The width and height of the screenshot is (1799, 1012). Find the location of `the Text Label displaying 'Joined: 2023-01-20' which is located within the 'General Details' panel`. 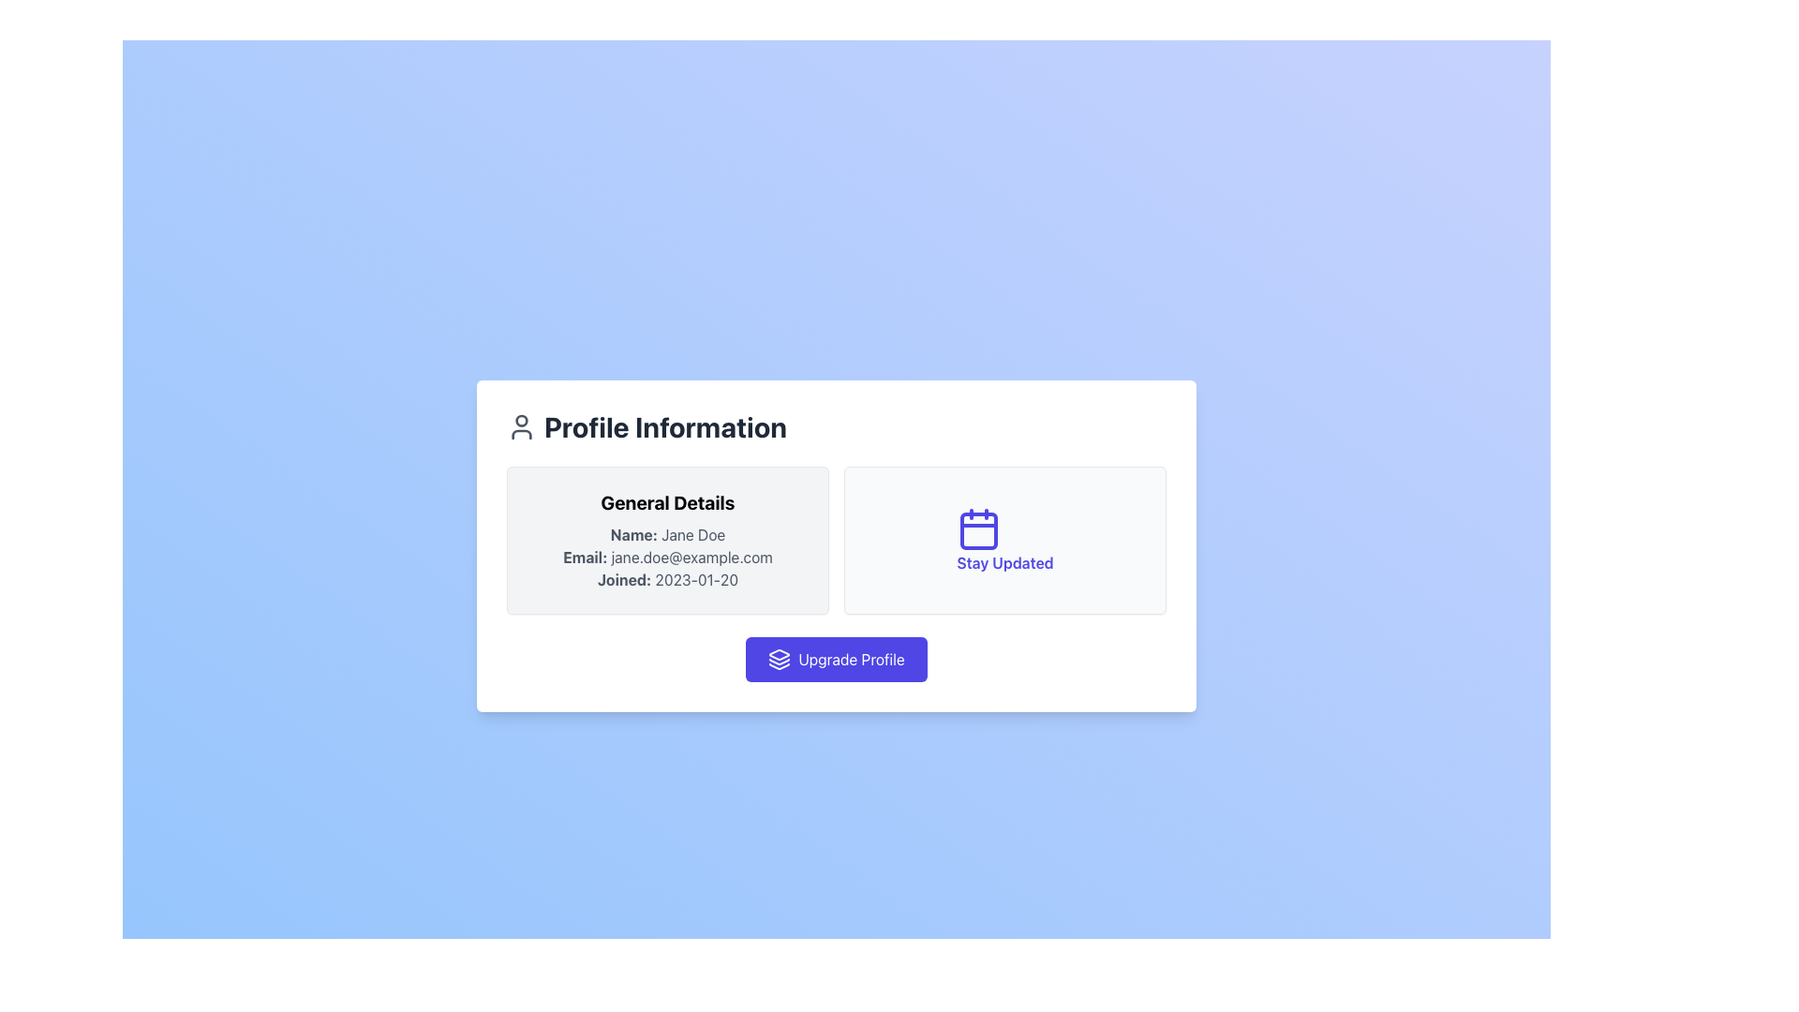

the Text Label displaying 'Joined: 2023-01-20' which is located within the 'General Details' panel is located at coordinates (668, 578).